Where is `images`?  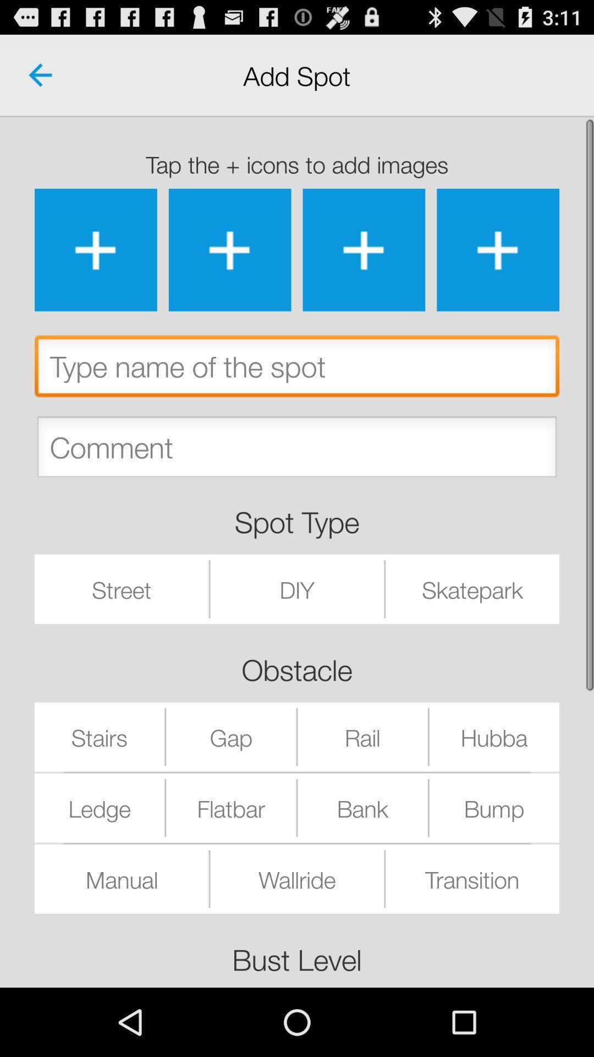 images is located at coordinates (364, 249).